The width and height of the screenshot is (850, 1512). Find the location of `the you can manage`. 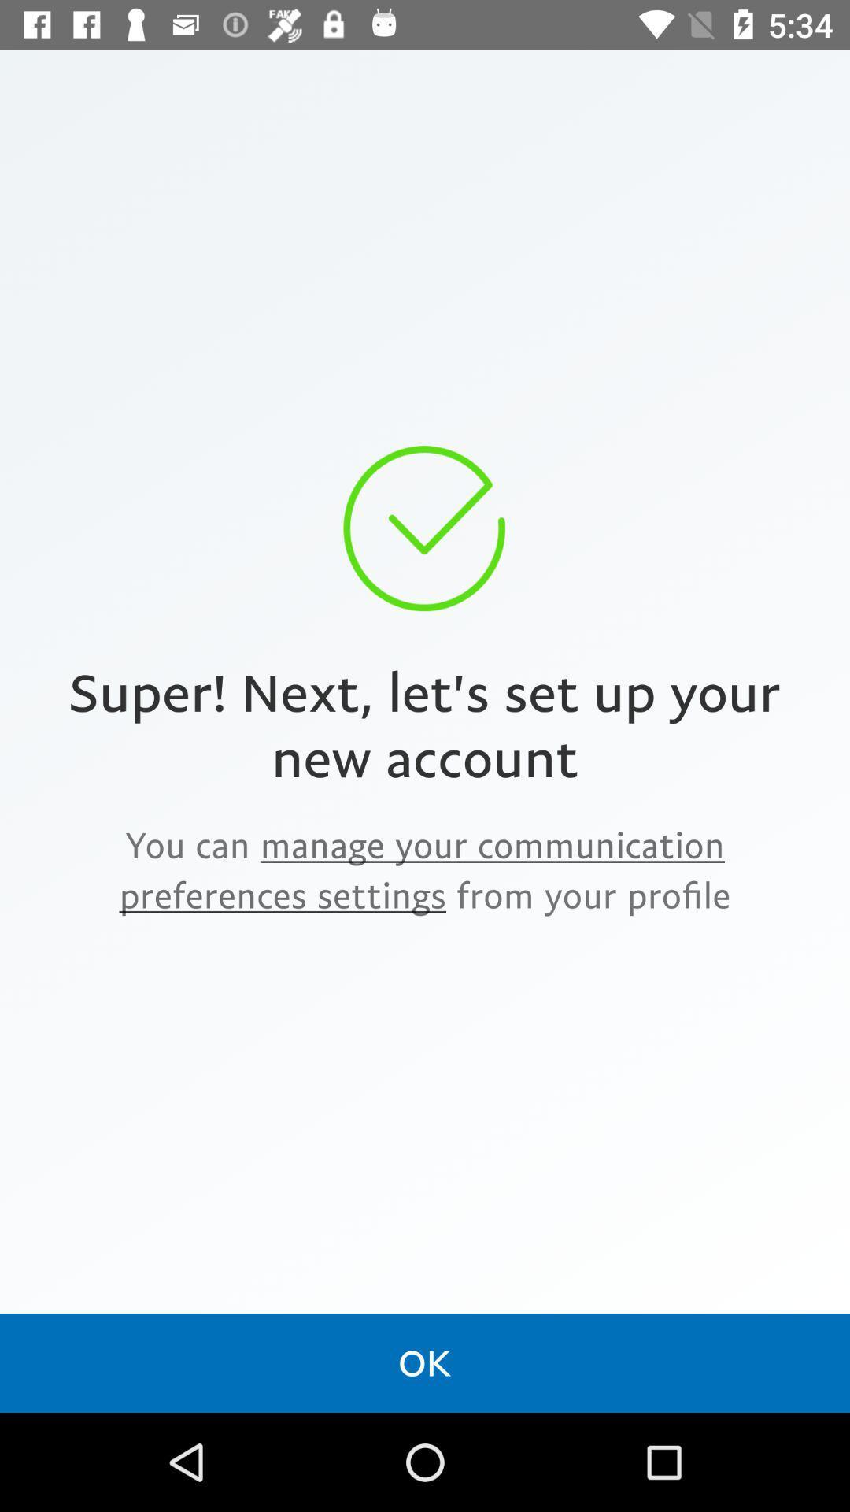

the you can manage is located at coordinates (425, 869).